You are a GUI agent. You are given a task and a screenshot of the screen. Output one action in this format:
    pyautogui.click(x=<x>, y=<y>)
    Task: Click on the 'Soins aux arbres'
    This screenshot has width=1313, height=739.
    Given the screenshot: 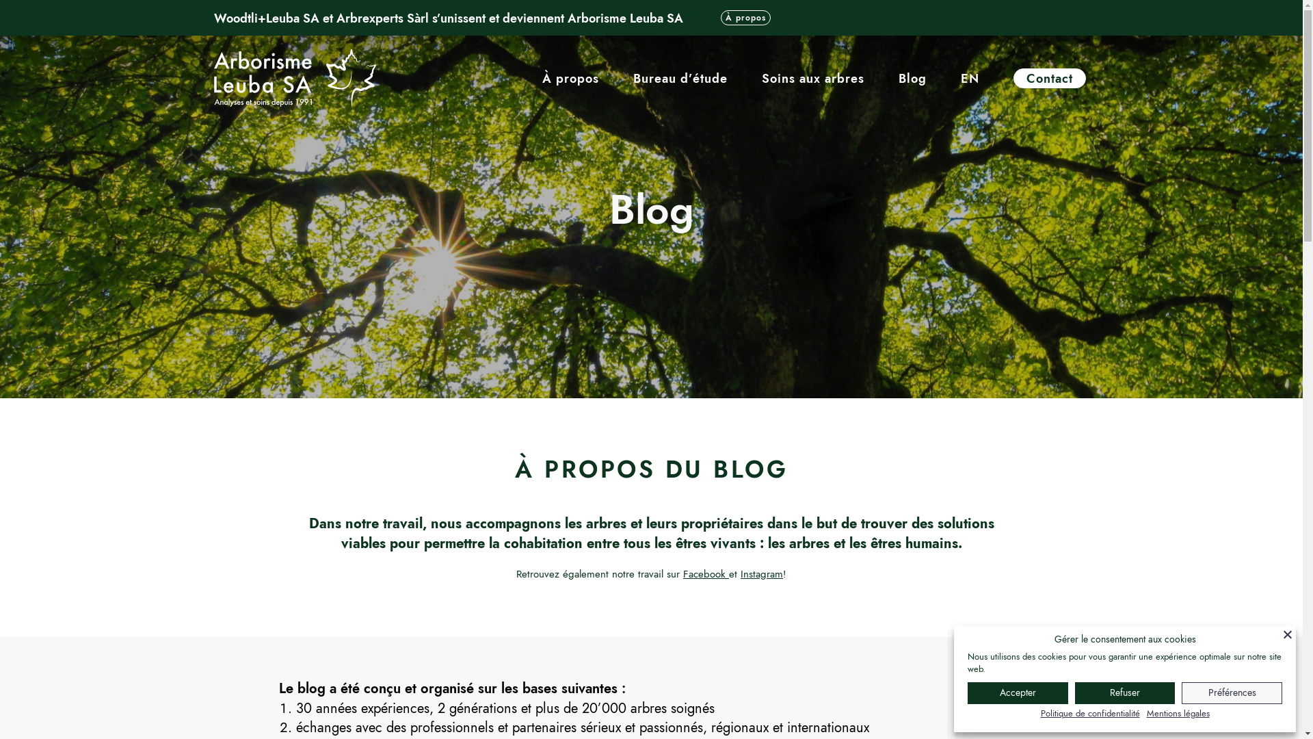 What is the action you would take?
    pyautogui.click(x=813, y=79)
    